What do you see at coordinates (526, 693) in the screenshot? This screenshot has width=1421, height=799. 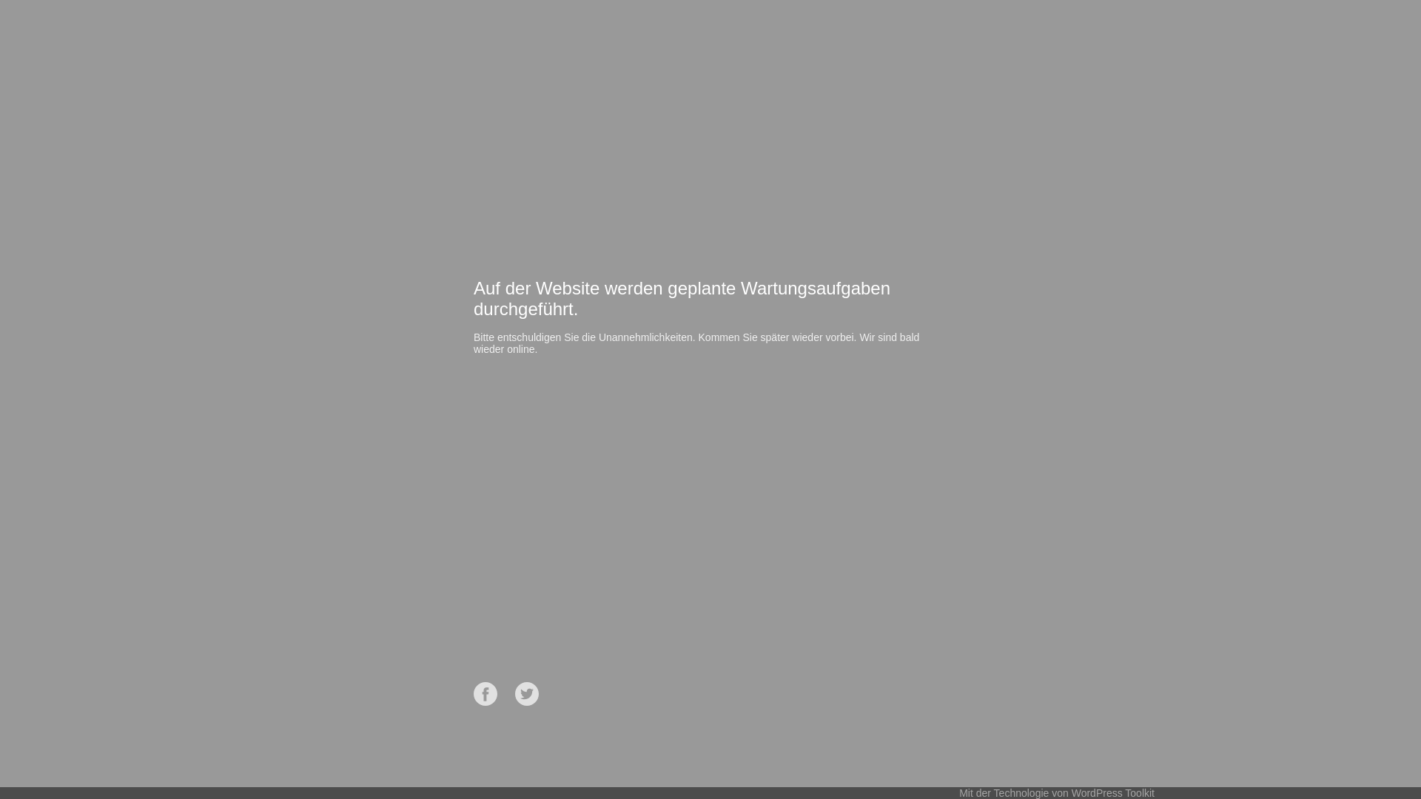 I see `'Twitter'` at bounding box center [526, 693].